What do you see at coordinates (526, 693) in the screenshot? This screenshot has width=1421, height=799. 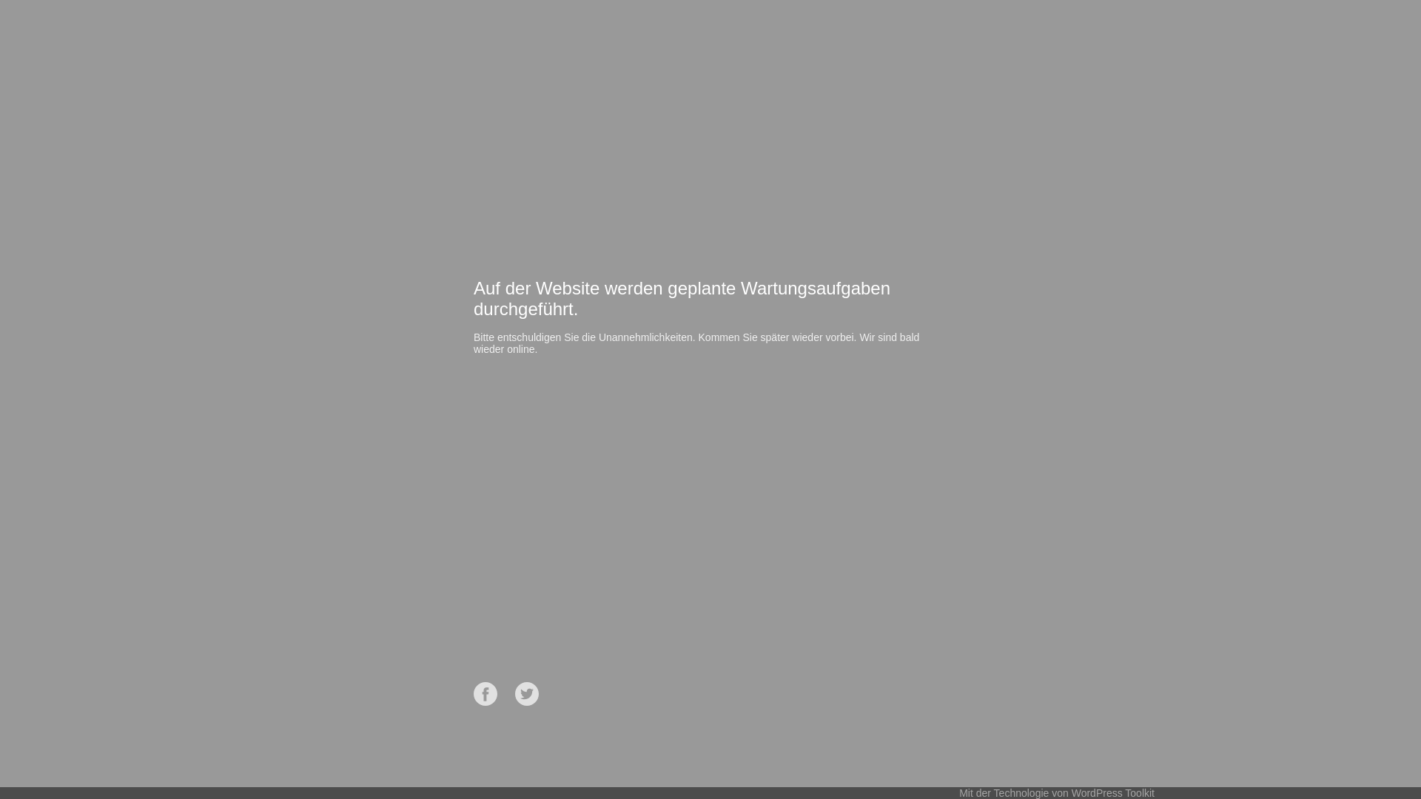 I see `'Twitter'` at bounding box center [526, 693].